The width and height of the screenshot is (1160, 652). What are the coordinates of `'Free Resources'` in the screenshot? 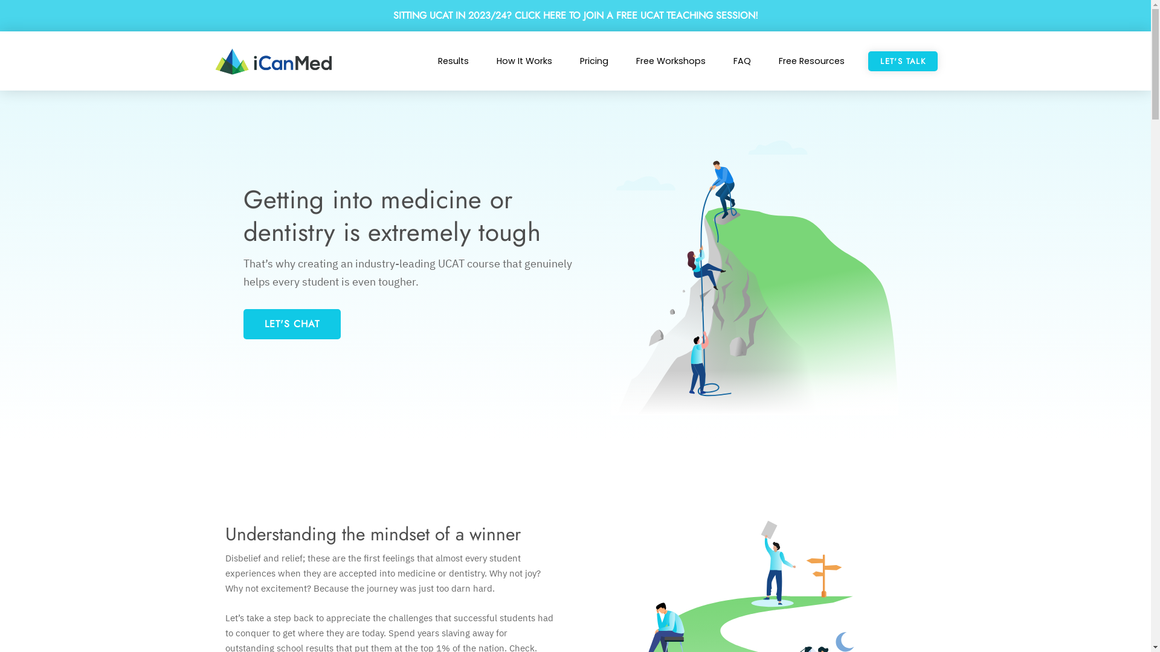 It's located at (811, 60).